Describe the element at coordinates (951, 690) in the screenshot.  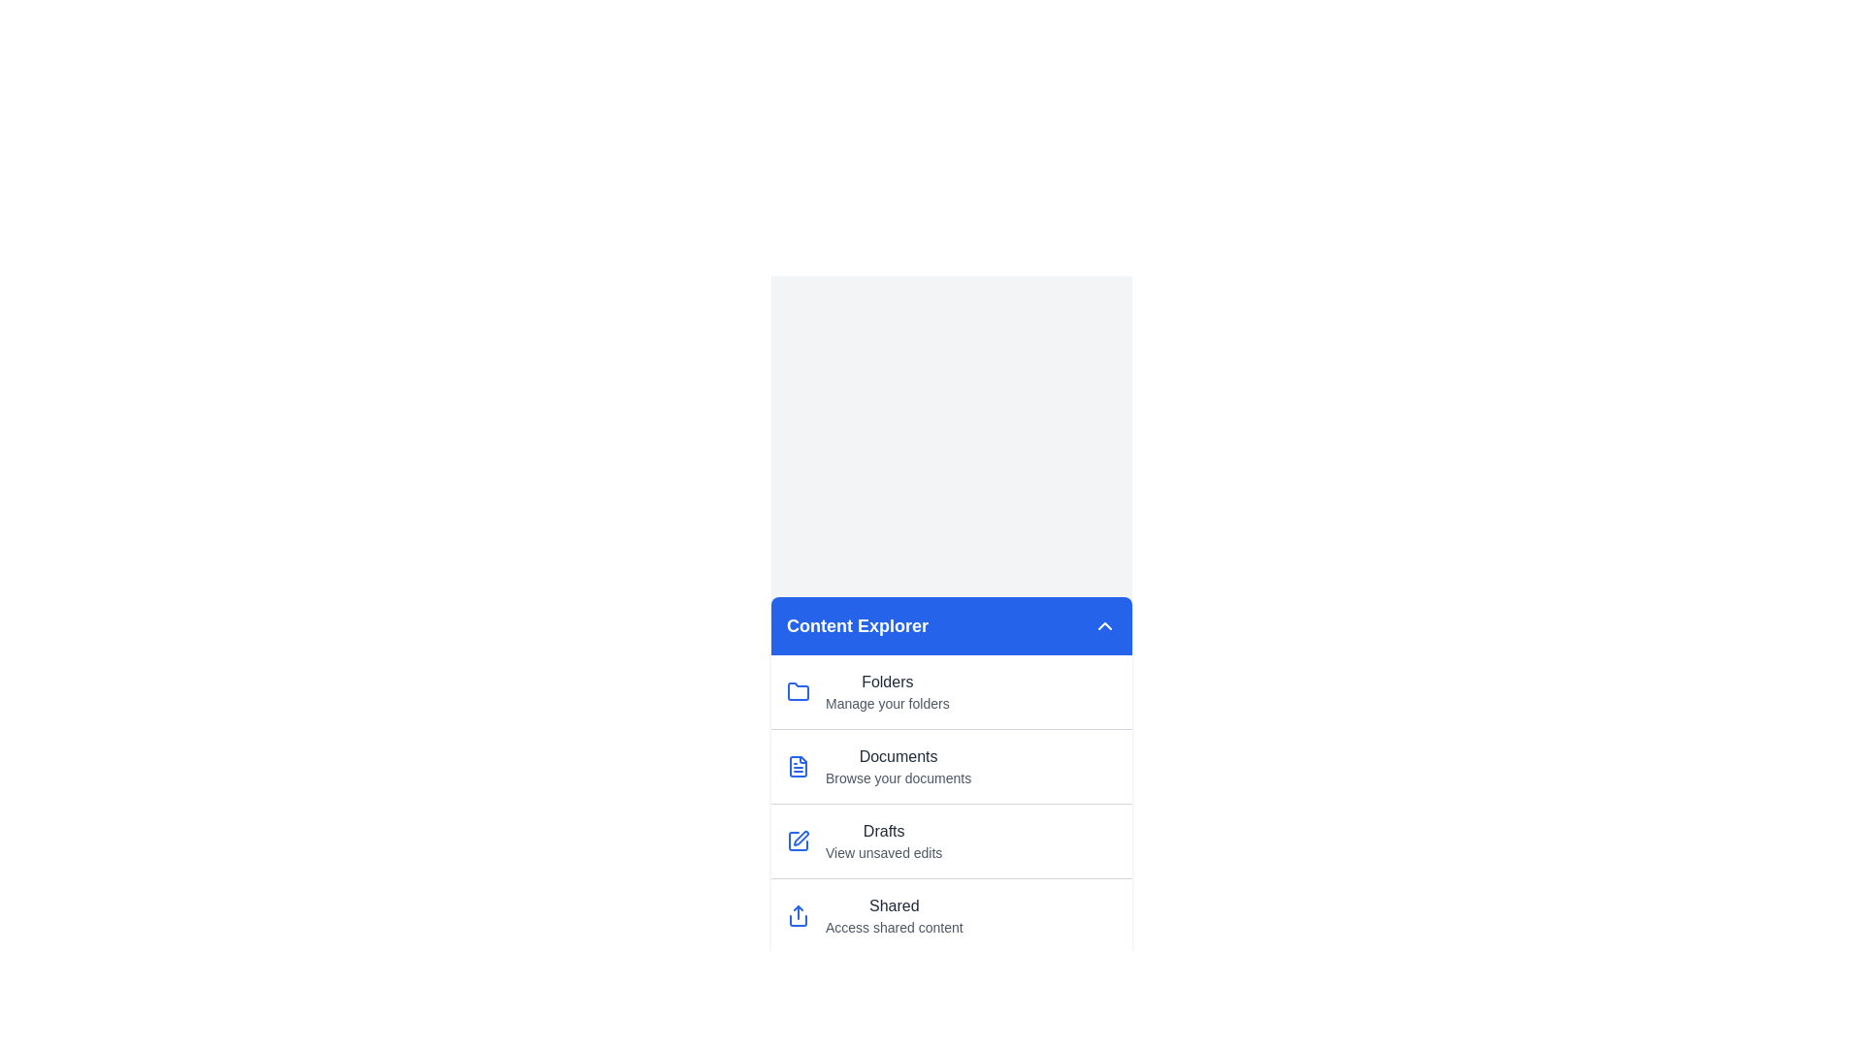
I see `the menu item Folders from the list` at that location.